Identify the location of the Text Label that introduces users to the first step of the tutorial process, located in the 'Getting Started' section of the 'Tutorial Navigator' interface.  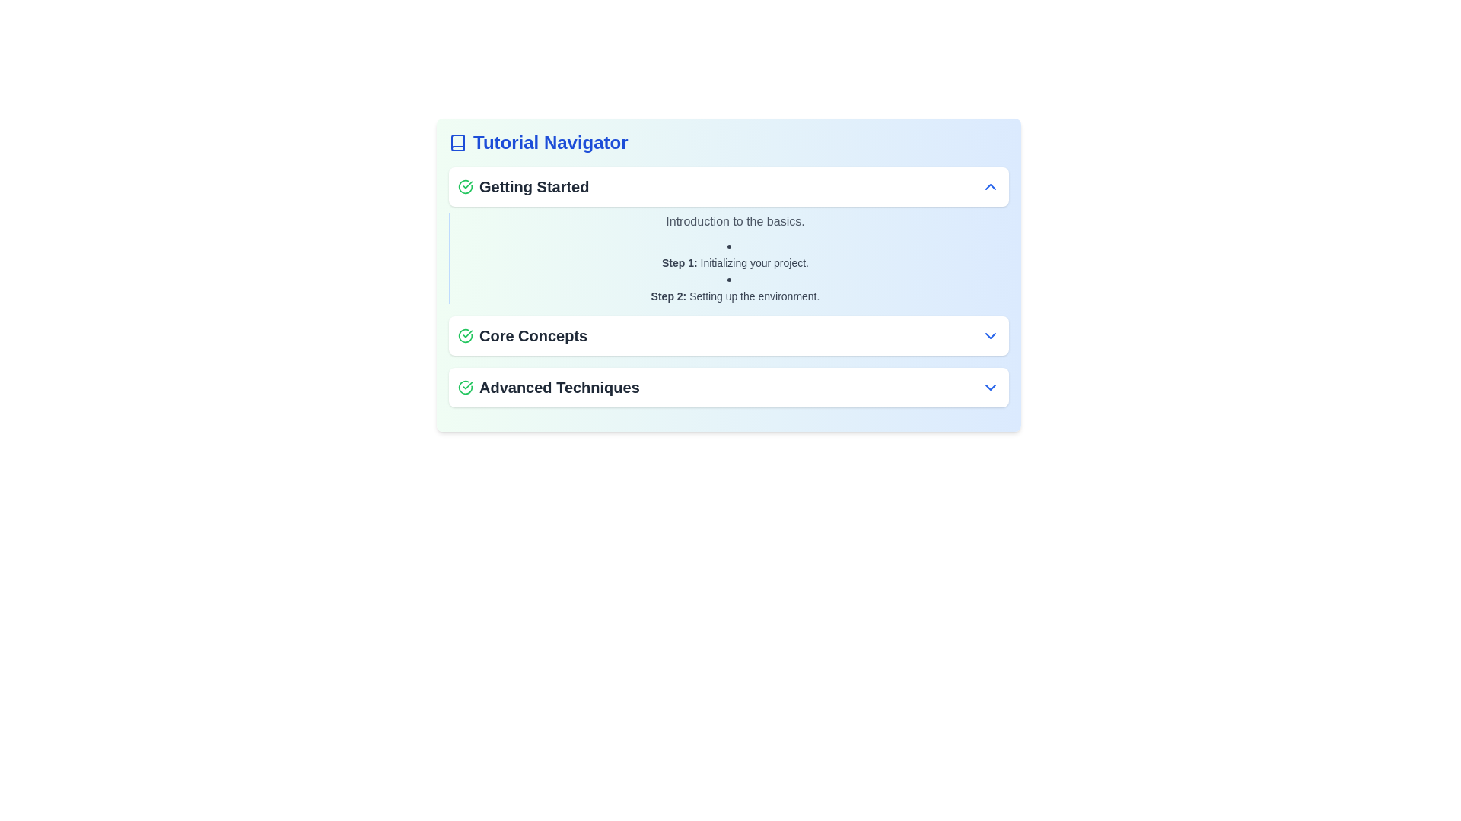
(735, 262).